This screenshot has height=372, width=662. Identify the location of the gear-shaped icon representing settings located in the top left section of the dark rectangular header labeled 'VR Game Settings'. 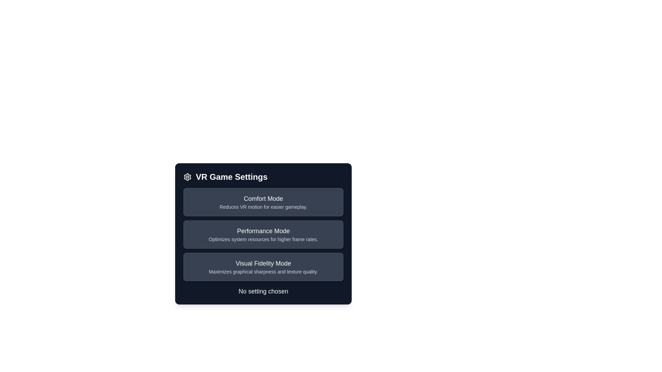
(187, 176).